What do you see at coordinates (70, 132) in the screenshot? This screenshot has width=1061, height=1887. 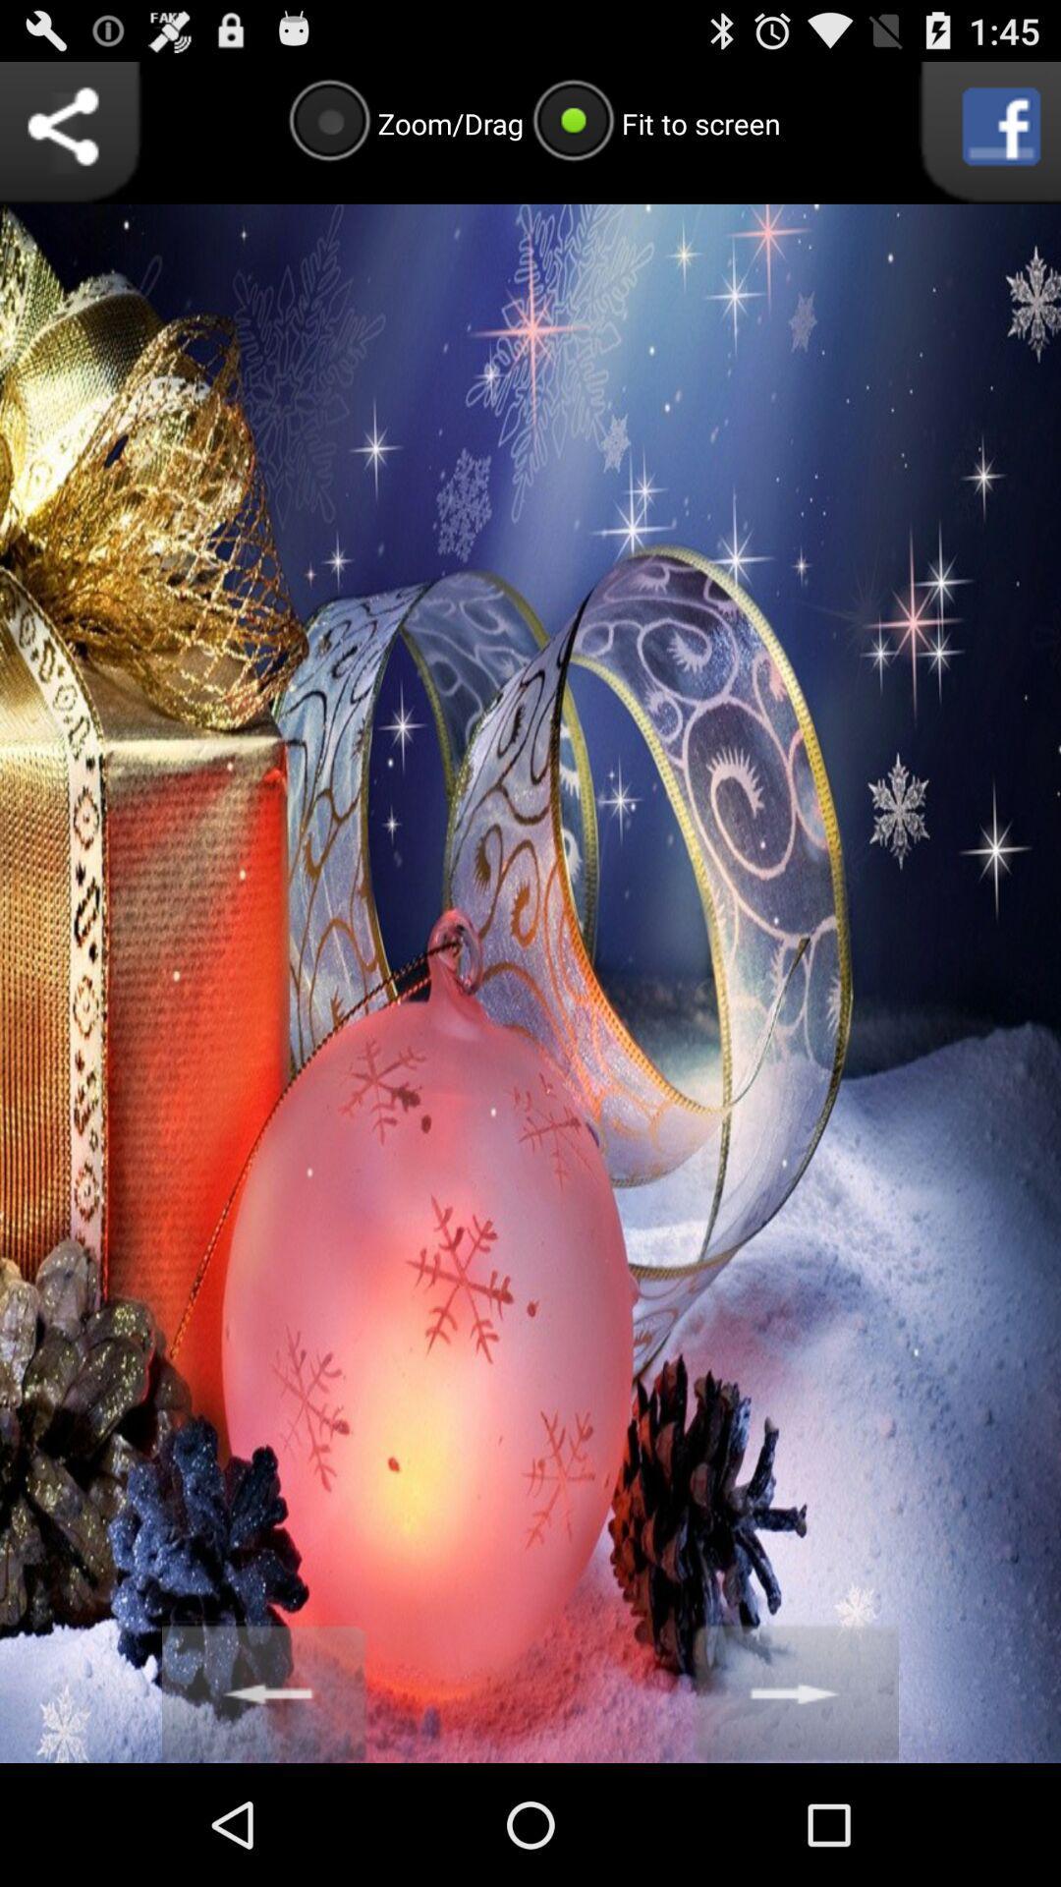 I see `open share menu` at bounding box center [70, 132].